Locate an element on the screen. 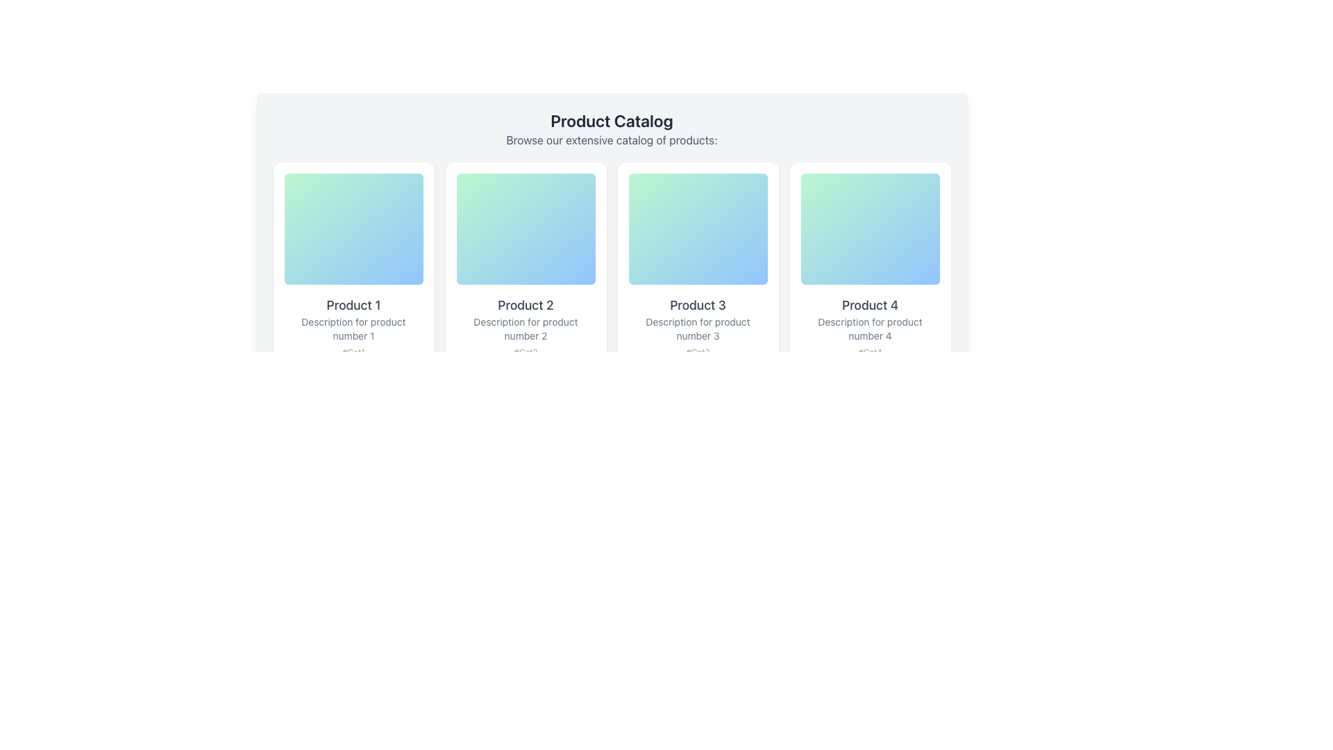 This screenshot has height=750, width=1333. the decorative background element of the 'Product 4' card located in the fourth column of the product catalog grid, positioned near the top-center of the card is located at coordinates (869, 228).